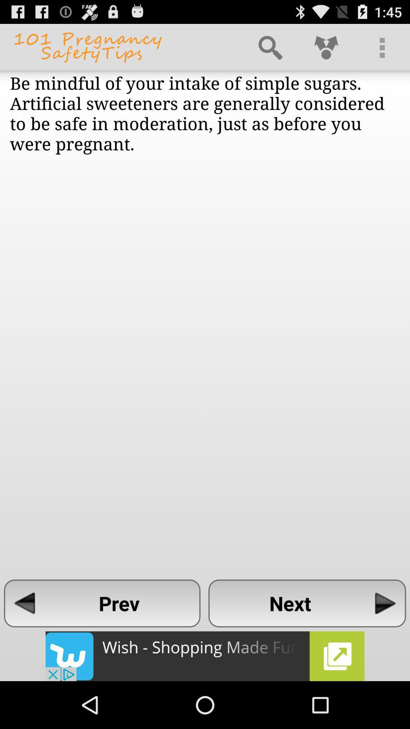  I want to click on advertisement, so click(205, 656).